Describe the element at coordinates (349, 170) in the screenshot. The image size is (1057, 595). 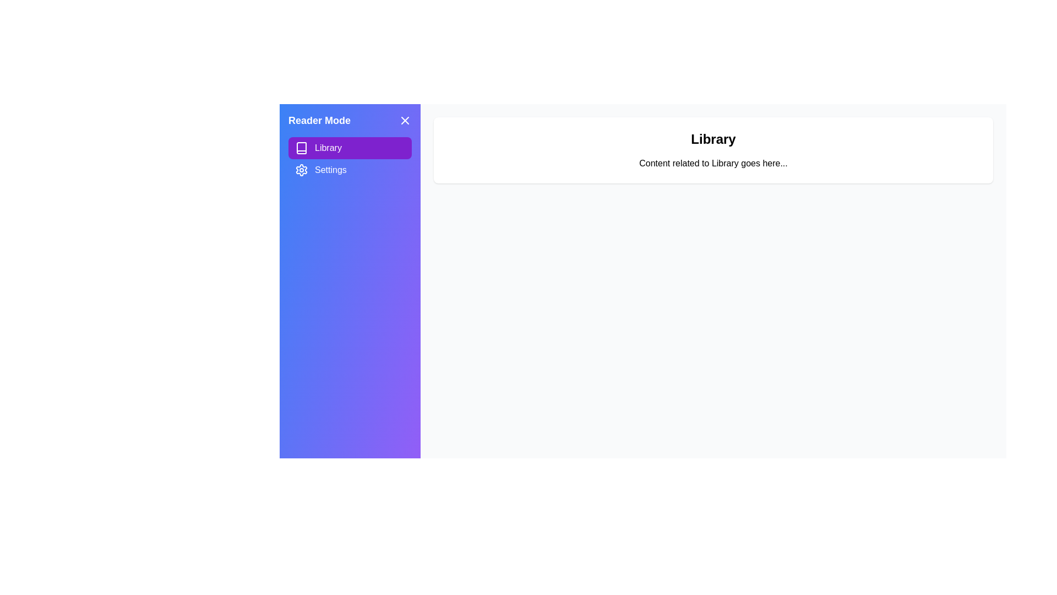
I see `the section Settings from the drawer menu` at that location.